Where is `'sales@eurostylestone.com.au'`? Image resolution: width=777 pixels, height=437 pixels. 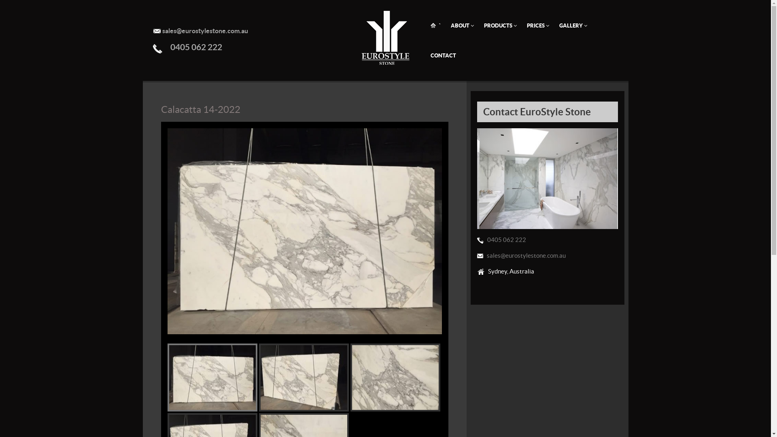 'sales@eurostylestone.com.au' is located at coordinates (204, 30).